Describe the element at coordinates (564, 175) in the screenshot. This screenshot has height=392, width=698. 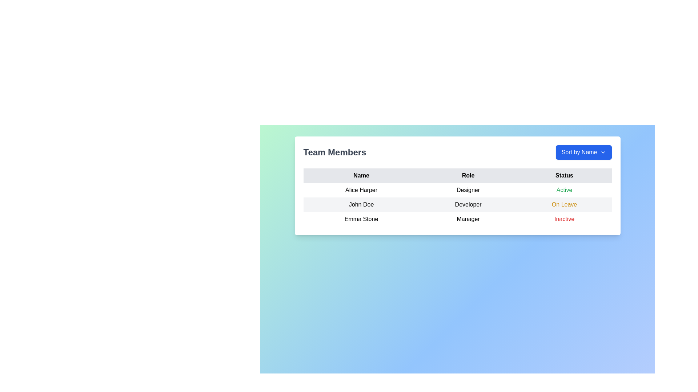
I see `the third Table Header Cell in the header of the table that provides status information for listed entities` at that location.